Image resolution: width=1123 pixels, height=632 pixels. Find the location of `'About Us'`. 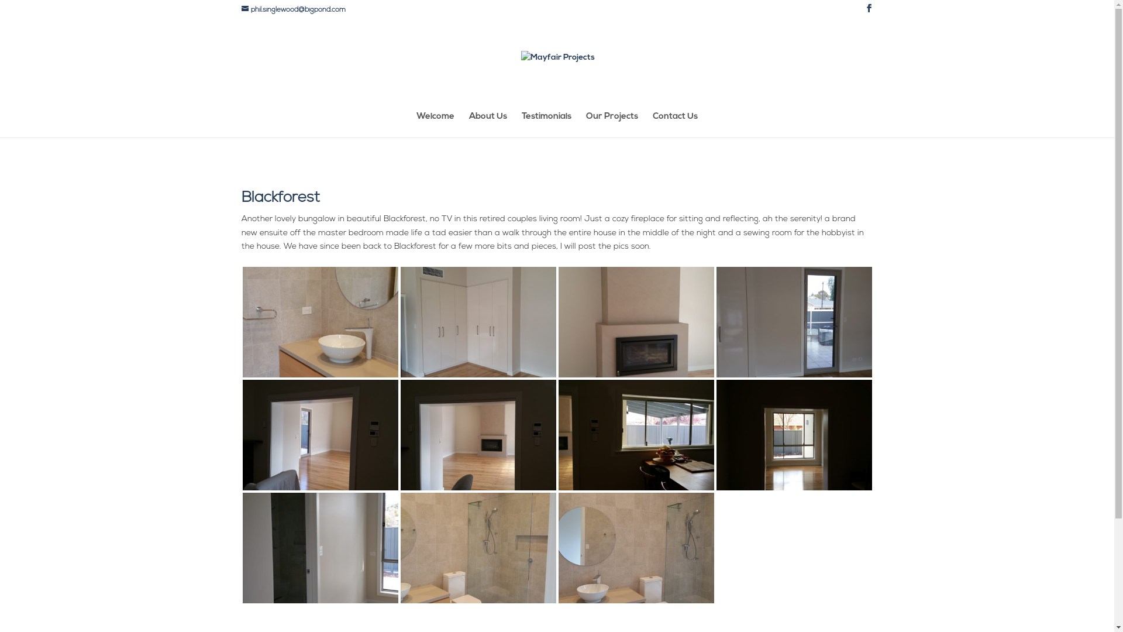

'About Us' is located at coordinates (488, 125).